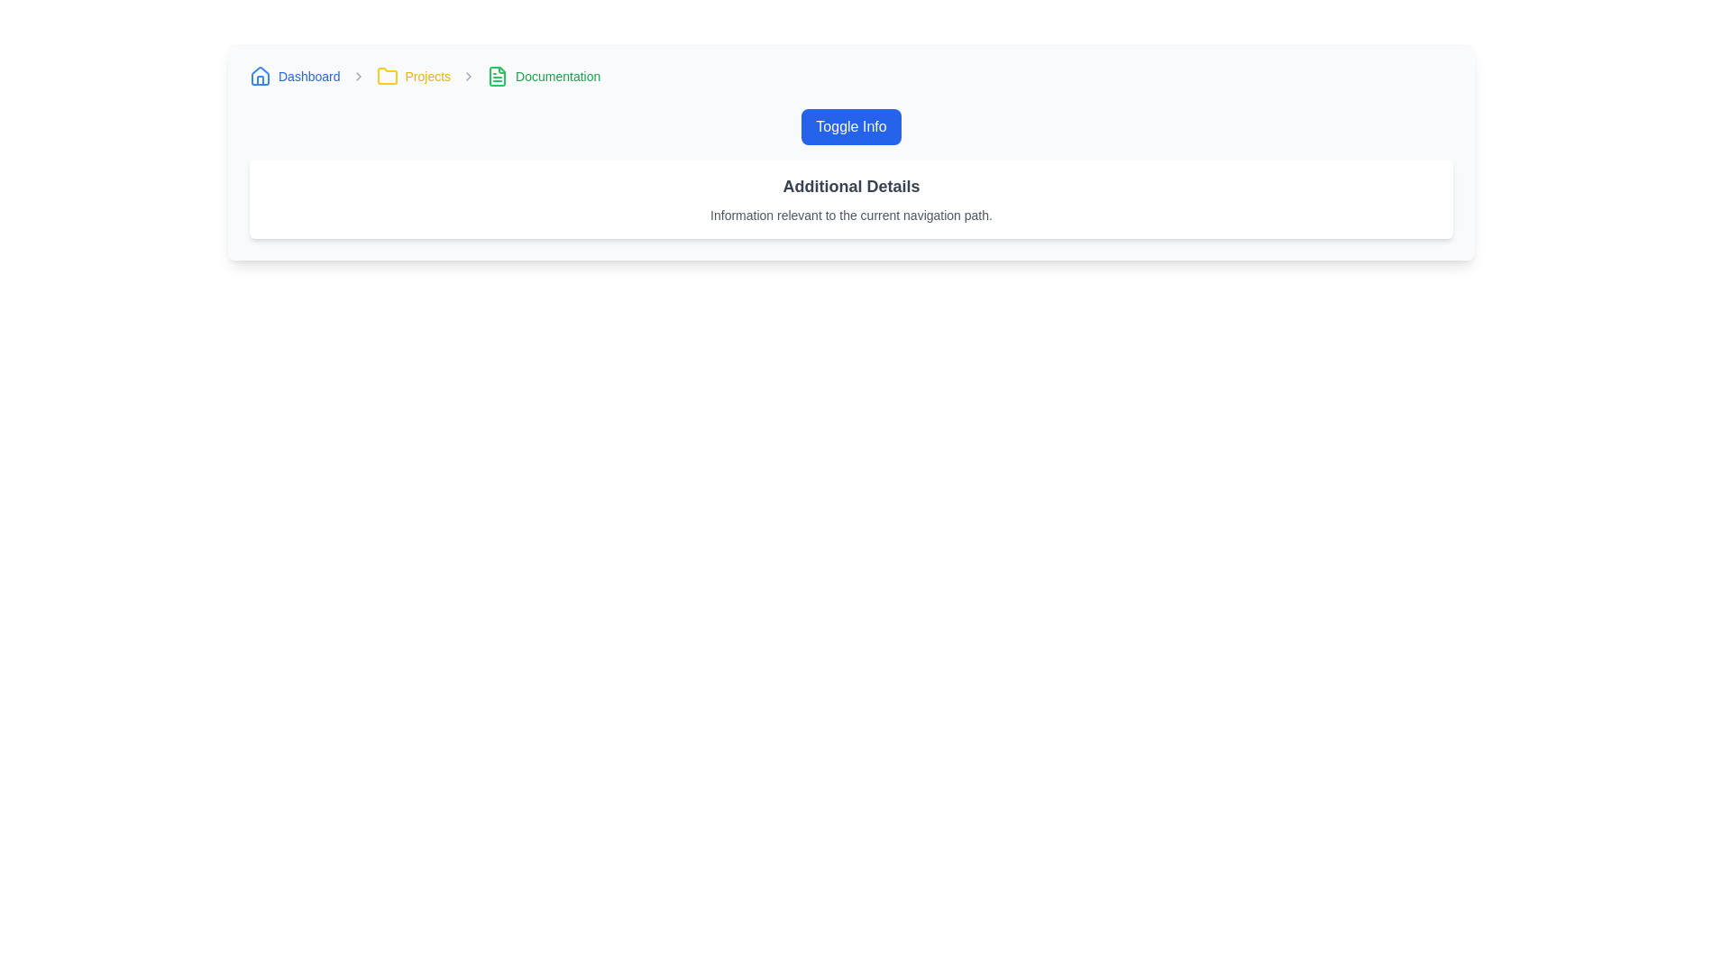  Describe the element at coordinates (498, 75) in the screenshot. I see `the green icon representing the 'Documentation' section in the breadcrumb navigation, which is located after the yellow folder icon and before the text 'Documentation.'` at that location.